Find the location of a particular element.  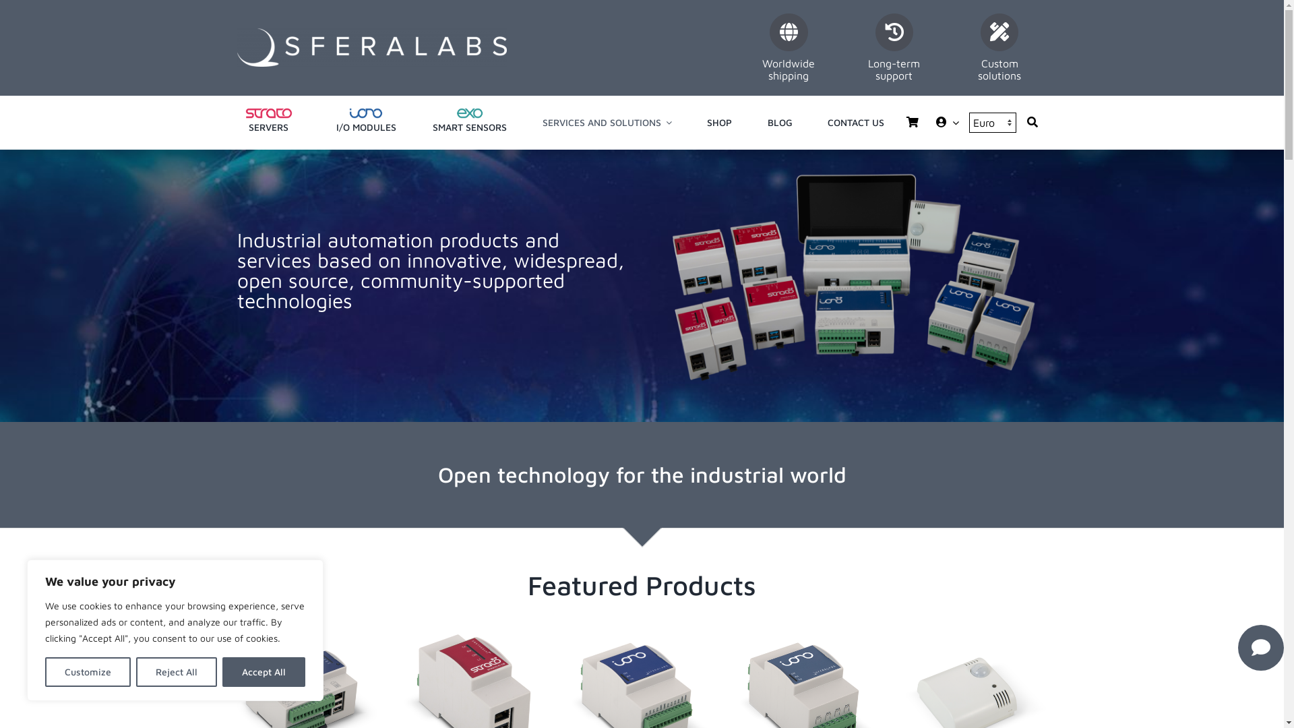

'SHOP' is located at coordinates (706, 122).